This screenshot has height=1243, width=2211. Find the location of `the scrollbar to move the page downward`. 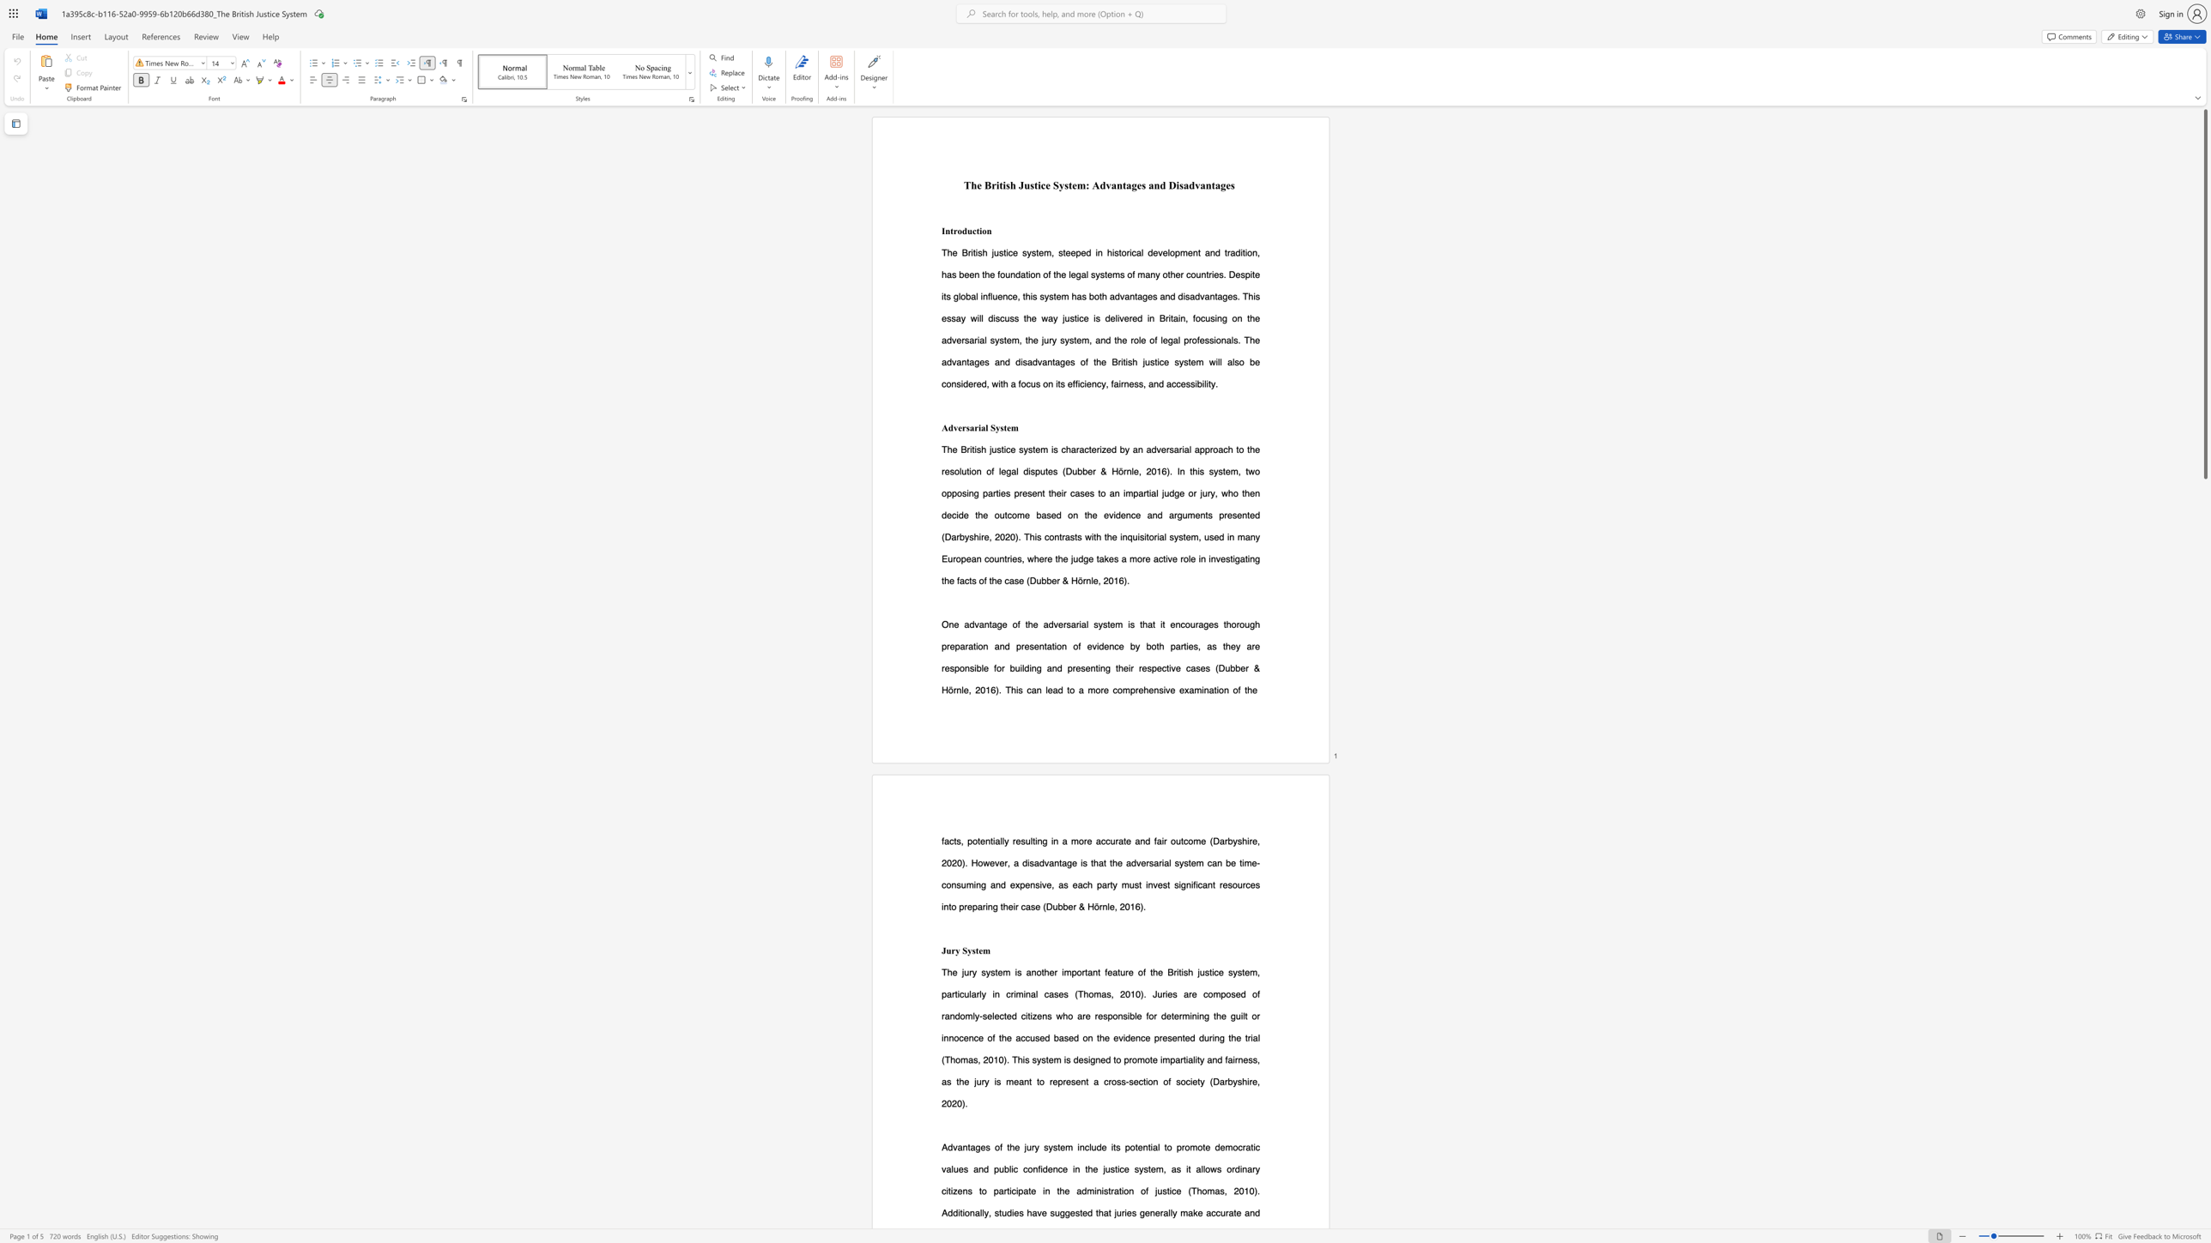

the scrollbar to move the page downward is located at coordinates (2204, 1173).